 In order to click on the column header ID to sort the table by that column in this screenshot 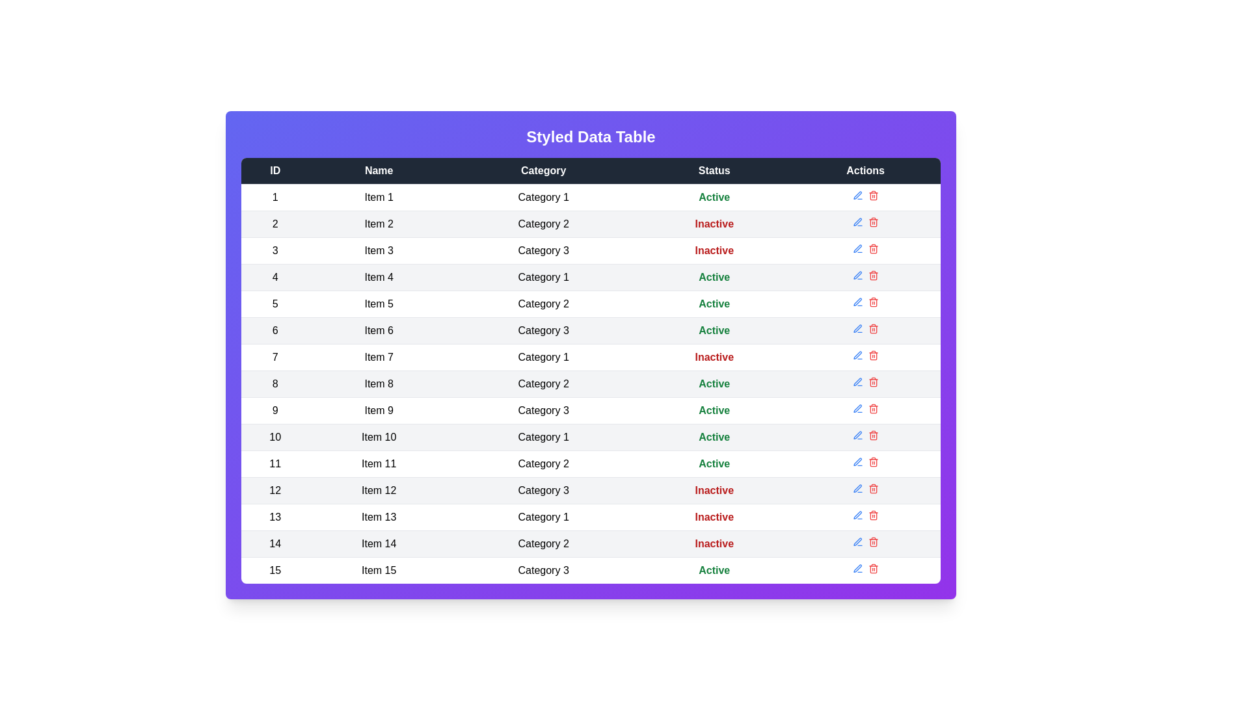, I will do `click(274, 170)`.